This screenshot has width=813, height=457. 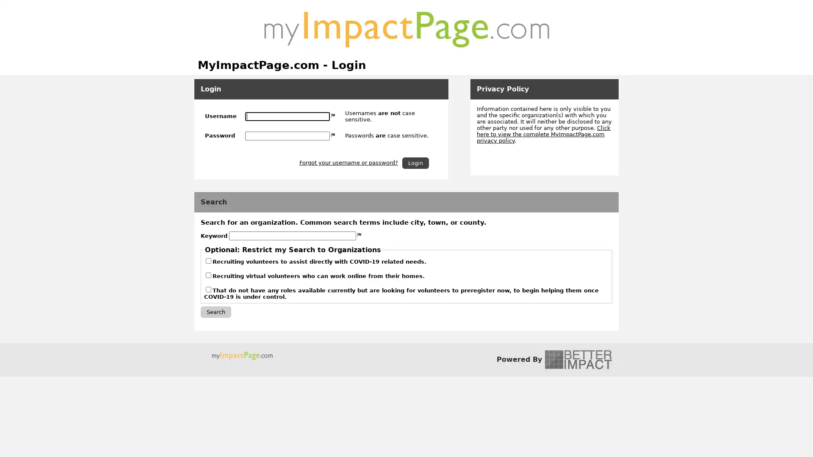 I want to click on Login, so click(x=415, y=162).